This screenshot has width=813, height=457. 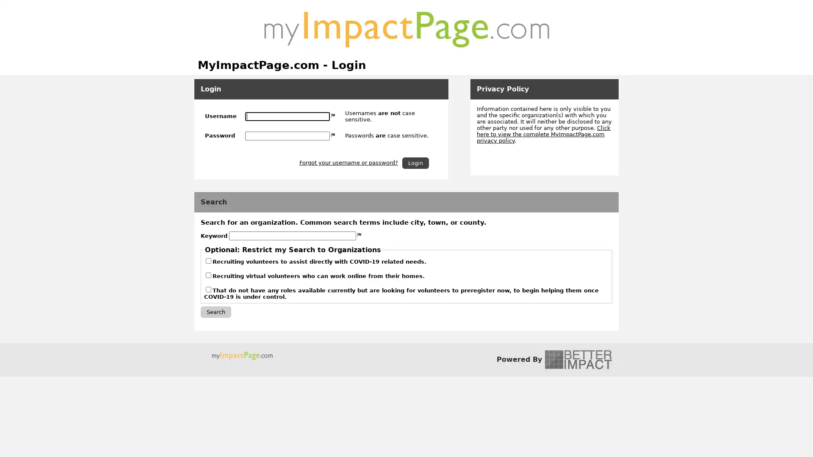 I want to click on Login, so click(x=415, y=162).